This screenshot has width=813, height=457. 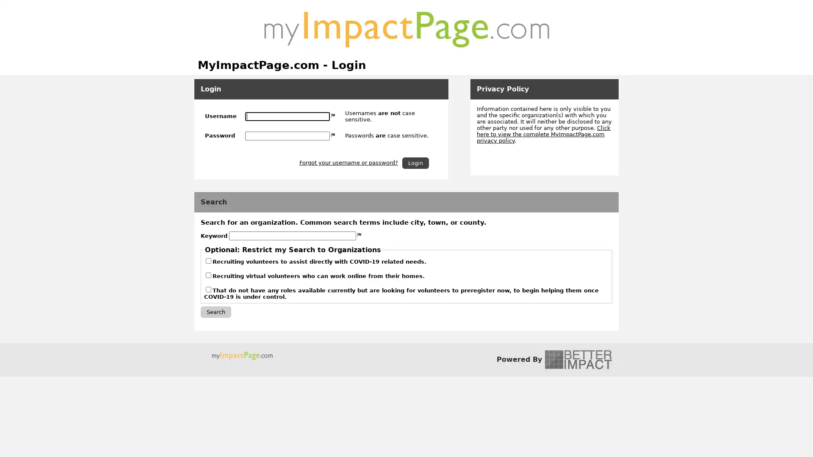 I want to click on Login, so click(x=415, y=162).